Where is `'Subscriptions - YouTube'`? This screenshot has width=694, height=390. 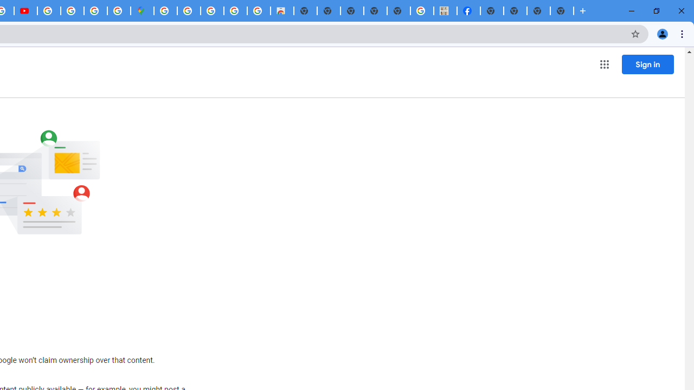 'Subscriptions - YouTube' is located at coordinates (25, 11).